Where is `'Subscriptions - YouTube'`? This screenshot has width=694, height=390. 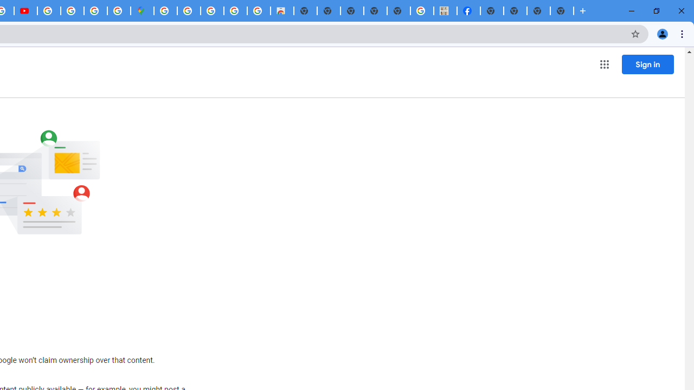 'Subscriptions - YouTube' is located at coordinates (25, 11).